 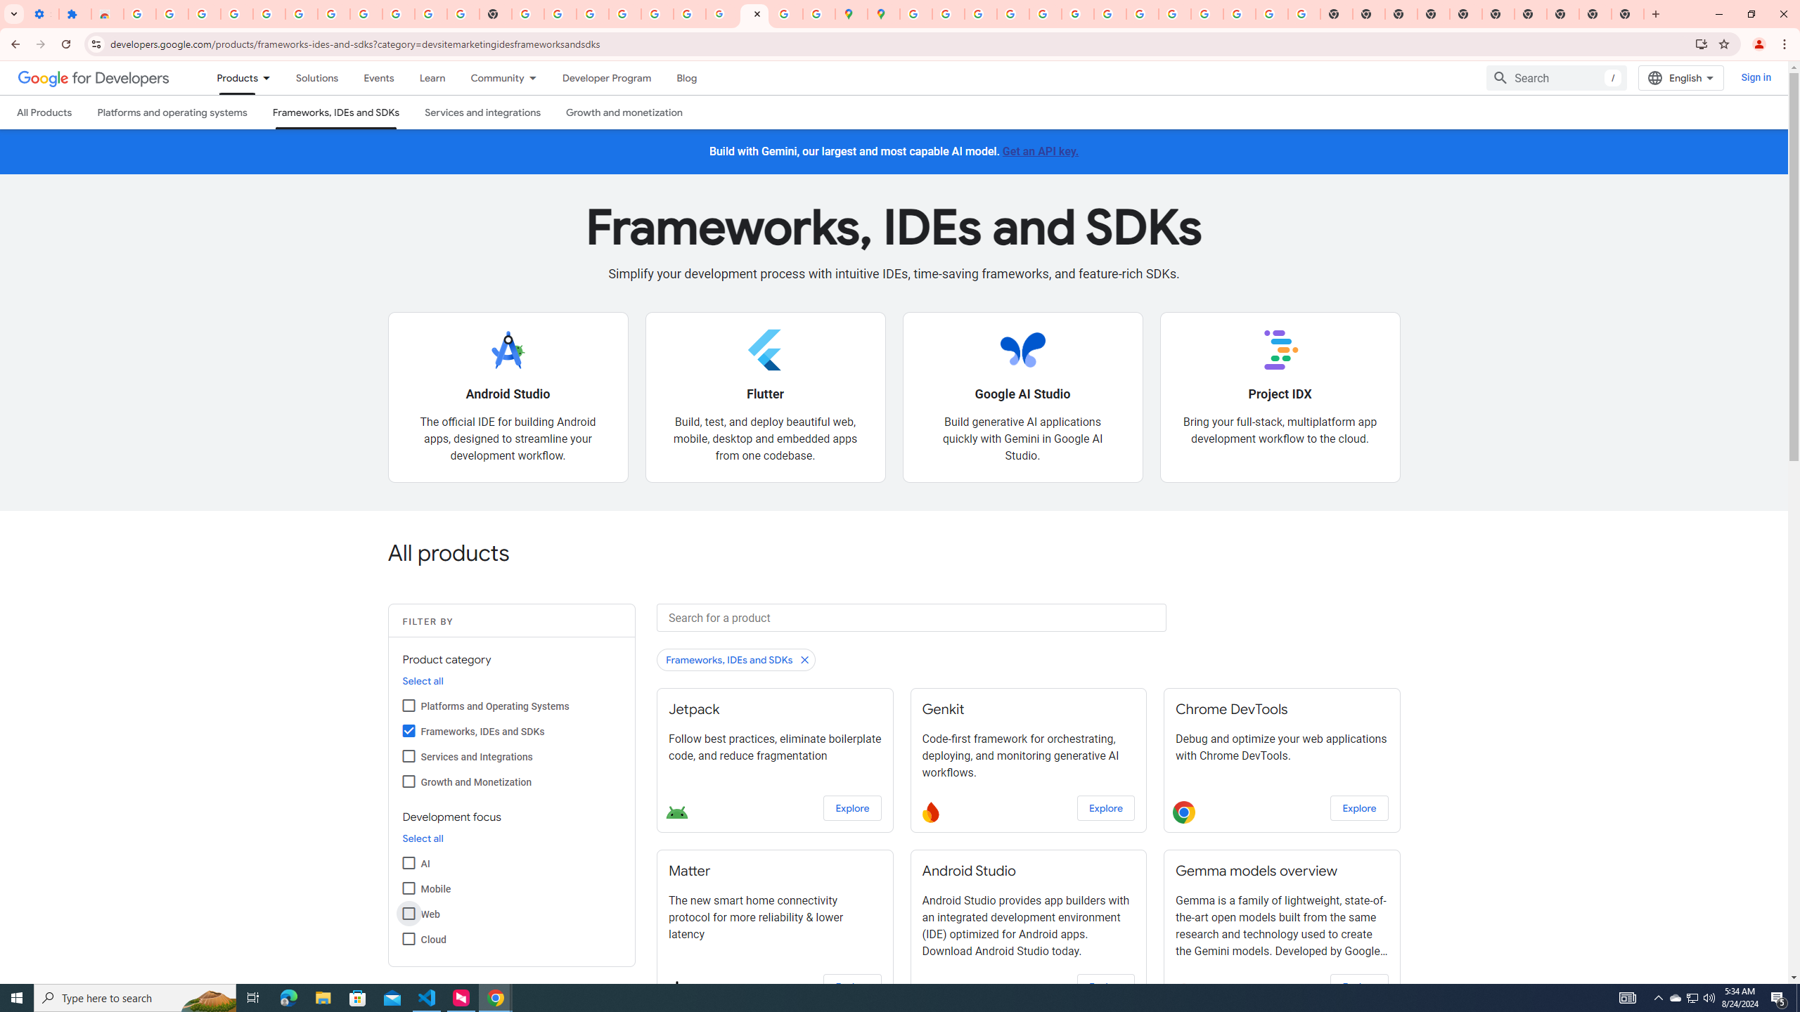 What do you see at coordinates (270, 77) in the screenshot?
I see `'Dropdown menu for Products'` at bounding box center [270, 77].